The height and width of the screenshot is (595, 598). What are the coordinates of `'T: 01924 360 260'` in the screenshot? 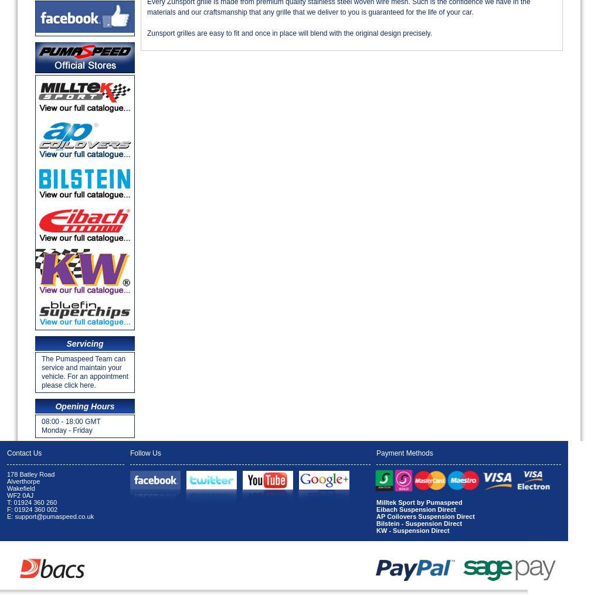 It's located at (32, 502).